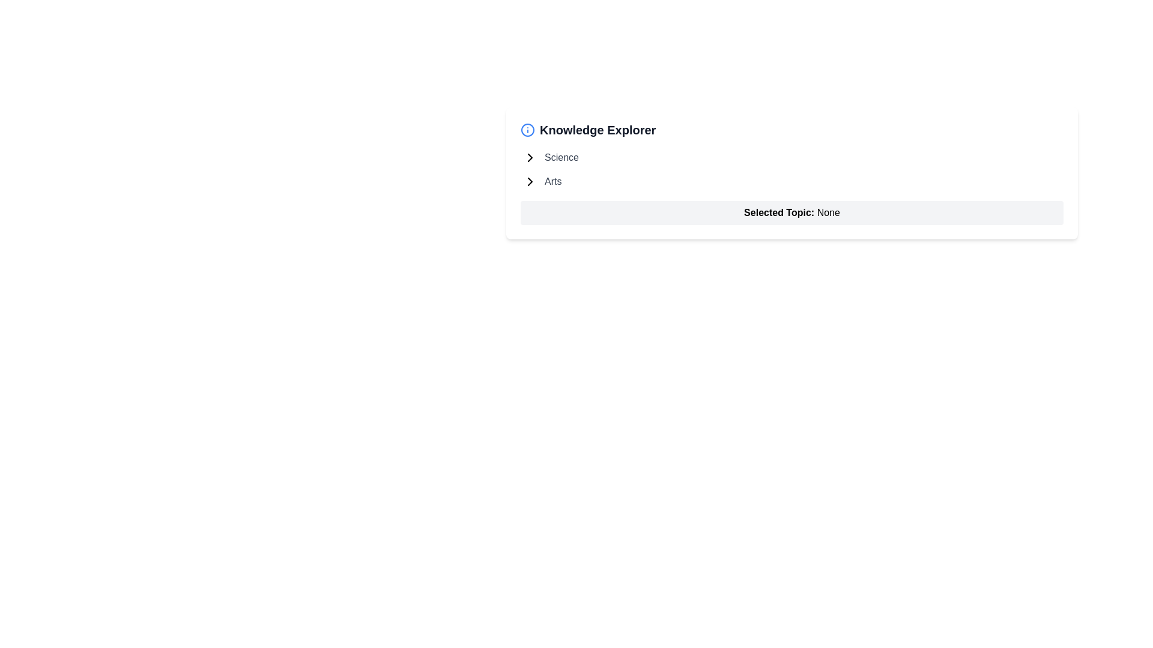 This screenshot has width=1153, height=648. I want to click on the rightward-pointing chevron arrow icon that is located to the right of the 'Science' text label, so click(530, 157).